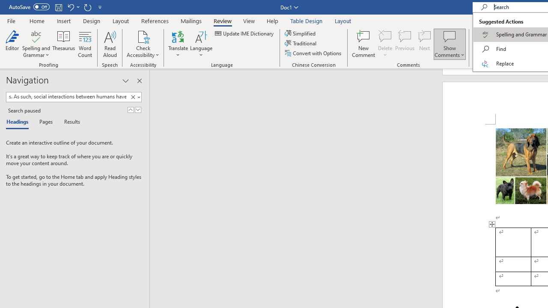 The image size is (548, 308). Describe the element at coordinates (425, 44) in the screenshot. I see `'Next'` at that location.